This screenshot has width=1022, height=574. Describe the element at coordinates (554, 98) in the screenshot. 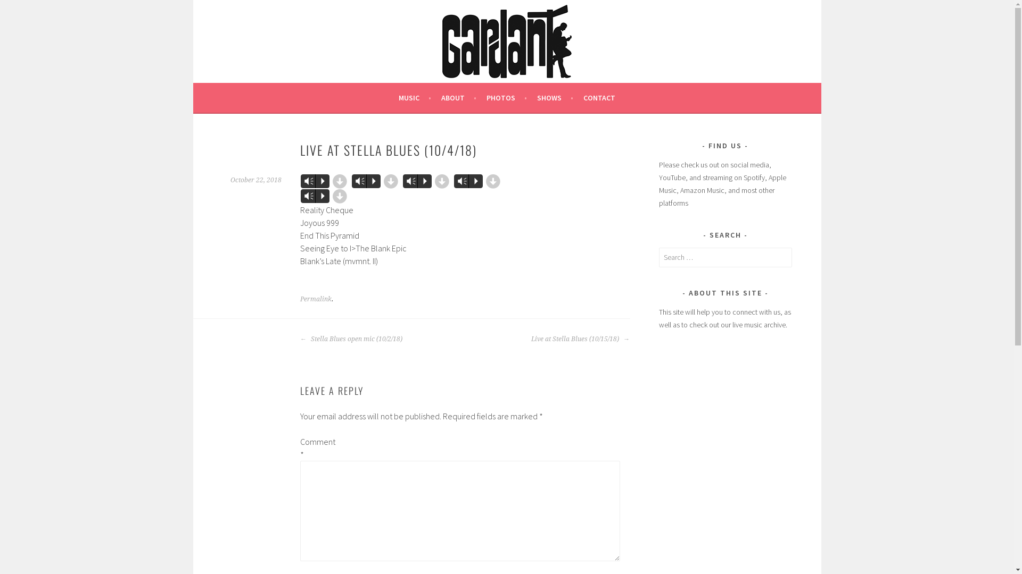

I see `'SHOWS'` at that location.